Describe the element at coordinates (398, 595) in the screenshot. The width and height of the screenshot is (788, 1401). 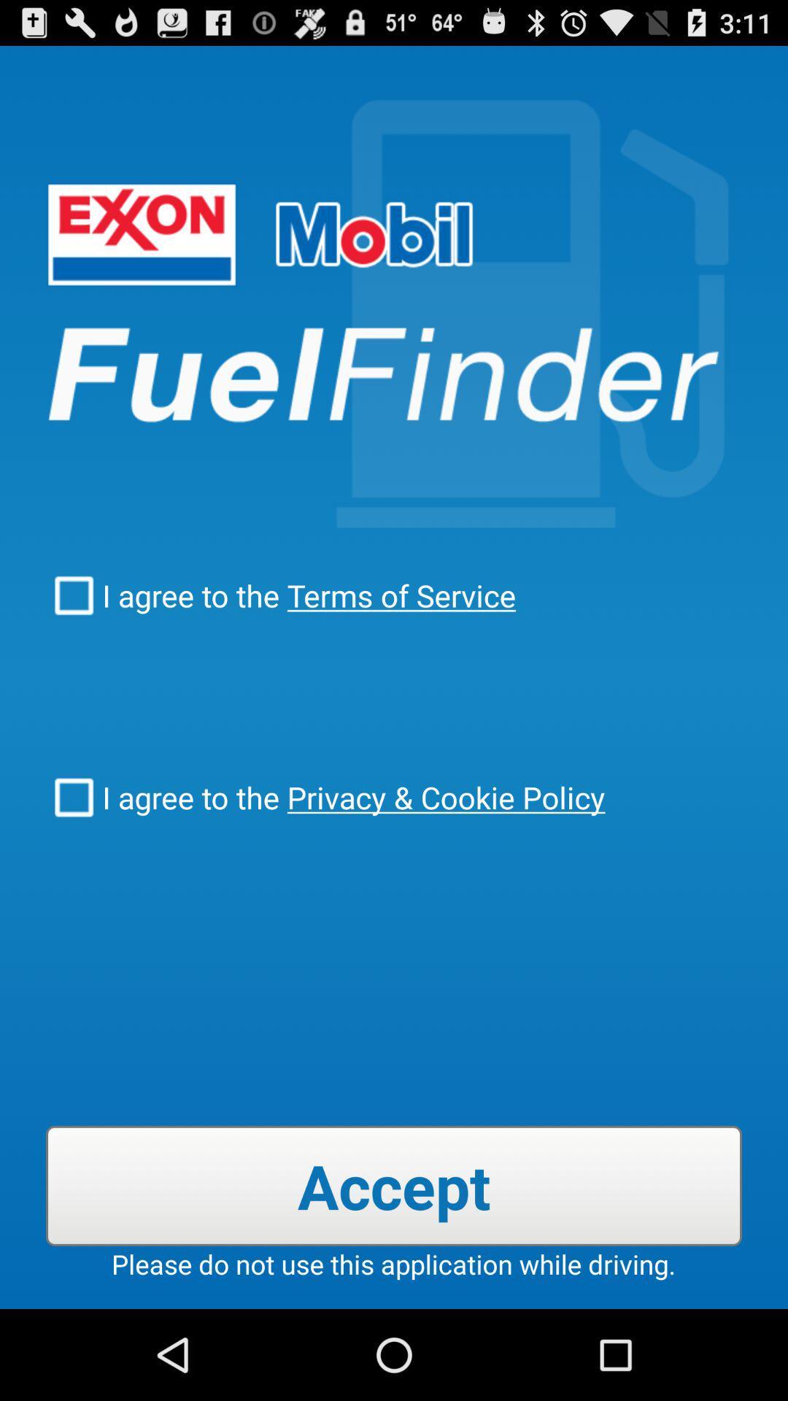
I see `checkbox to the right of the i agree to` at that location.